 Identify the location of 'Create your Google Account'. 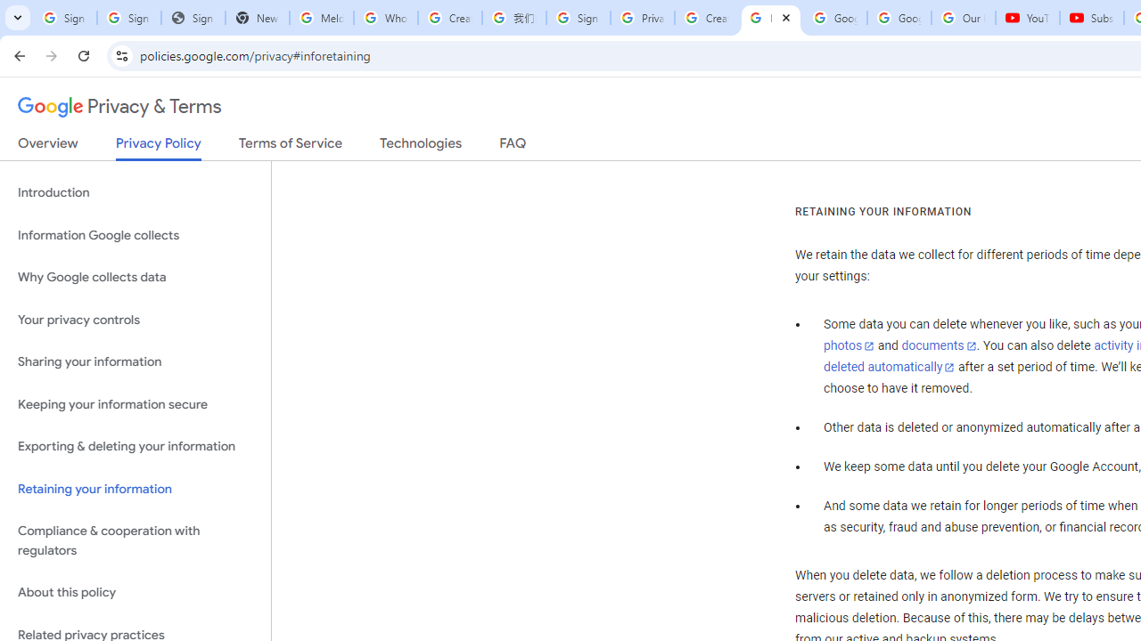
(705, 18).